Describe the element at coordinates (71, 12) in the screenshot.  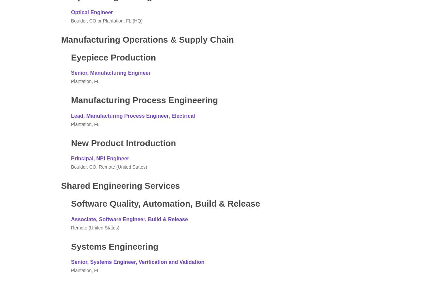
I see `'Optical Engineer'` at that location.